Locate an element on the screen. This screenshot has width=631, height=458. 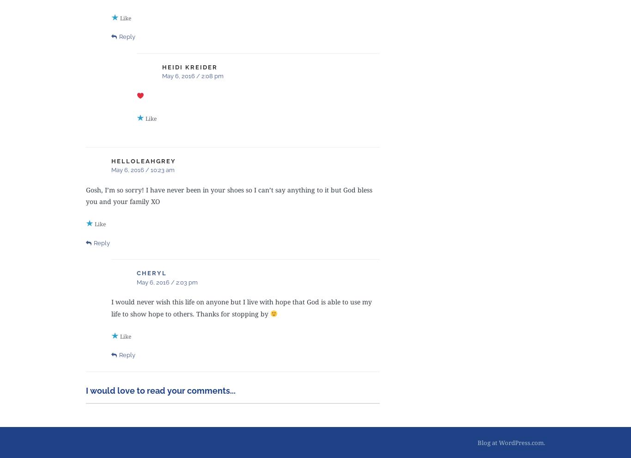
'May 6, 2016 / 2:03 pm' is located at coordinates (166, 281).